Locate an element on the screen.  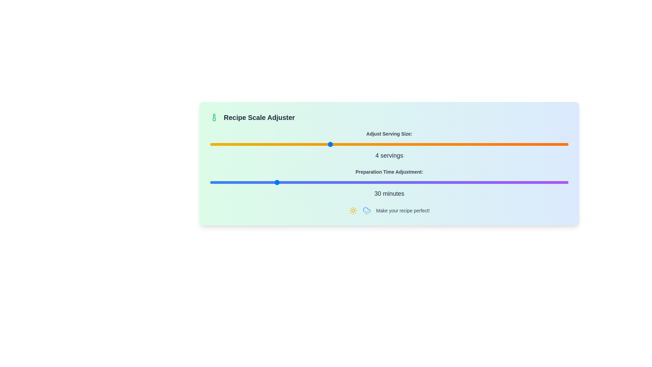
the preparation time is located at coordinates (288, 182).